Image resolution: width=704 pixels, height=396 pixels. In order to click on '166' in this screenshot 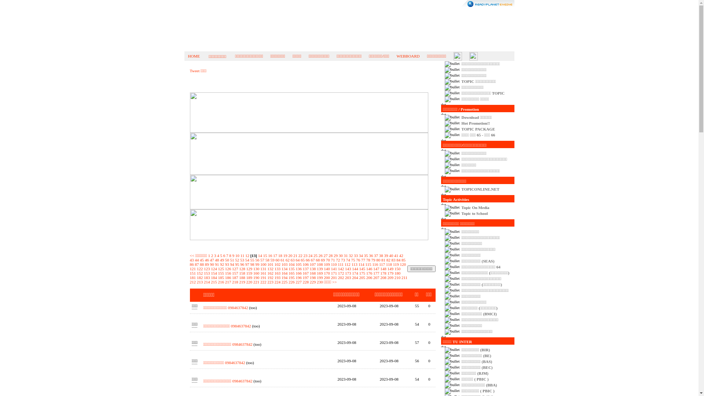, I will do `click(298, 273)`.